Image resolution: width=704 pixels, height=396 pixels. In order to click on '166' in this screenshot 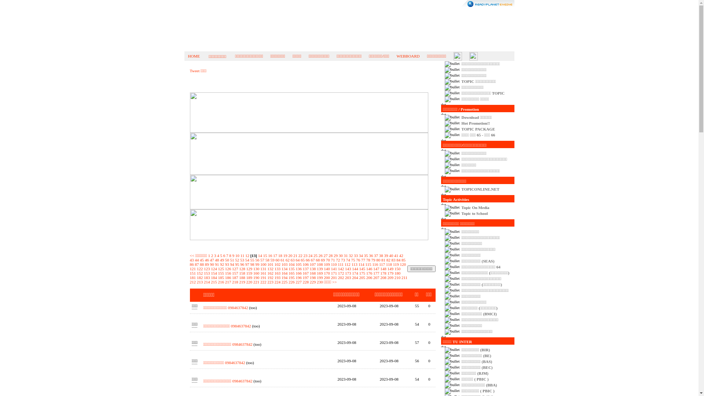, I will do `click(298, 273)`.